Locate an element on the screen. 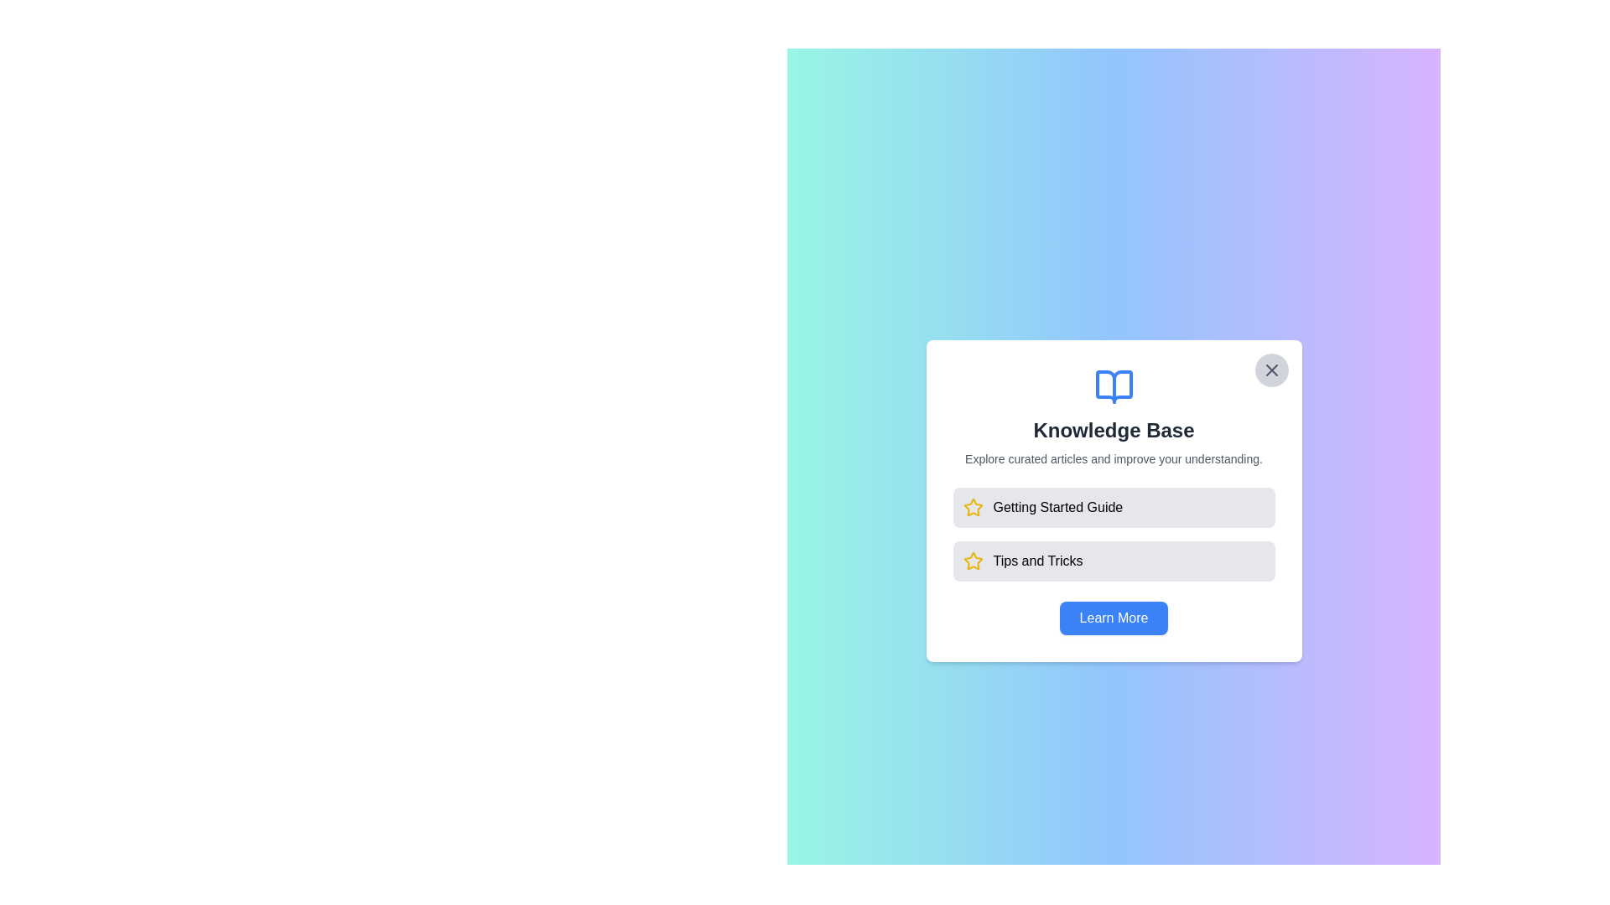  the information displayed in the informational header section titled 'Knowledge Base' which contains an icon of an open book, a bold title, and a subtitle is located at coordinates (1114, 416).